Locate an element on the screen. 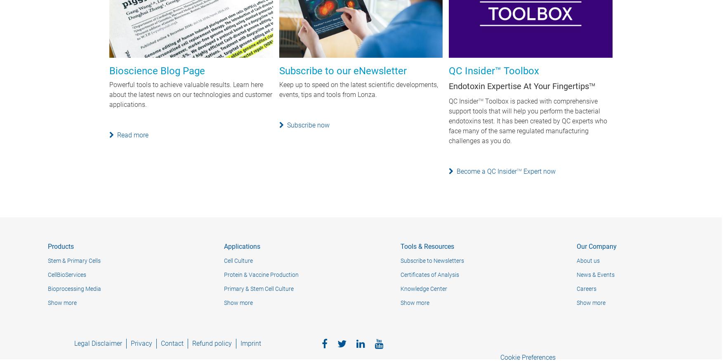 The height and width of the screenshot is (361, 726). 'Imprint' is located at coordinates (251, 343).